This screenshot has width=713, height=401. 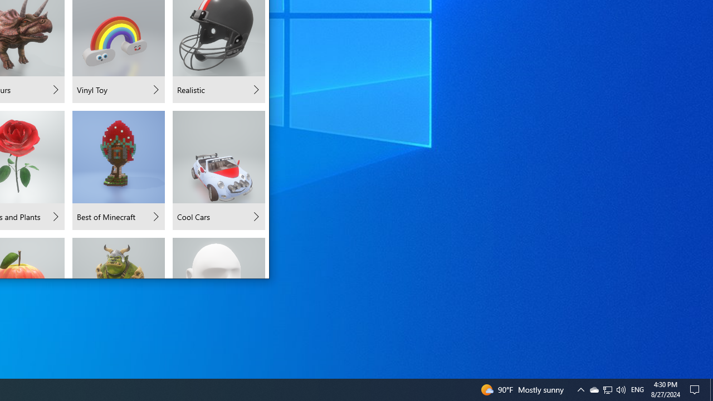 What do you see at coordinates (119, 257) in the screenshot?
I see `'Characters'` at bounding box center [119, 257].